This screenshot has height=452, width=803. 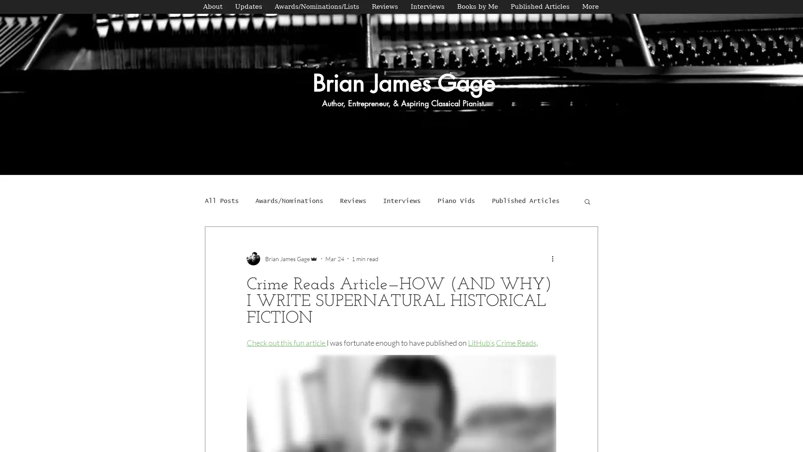 I want to click on More actions, so click(x=555, y=258).